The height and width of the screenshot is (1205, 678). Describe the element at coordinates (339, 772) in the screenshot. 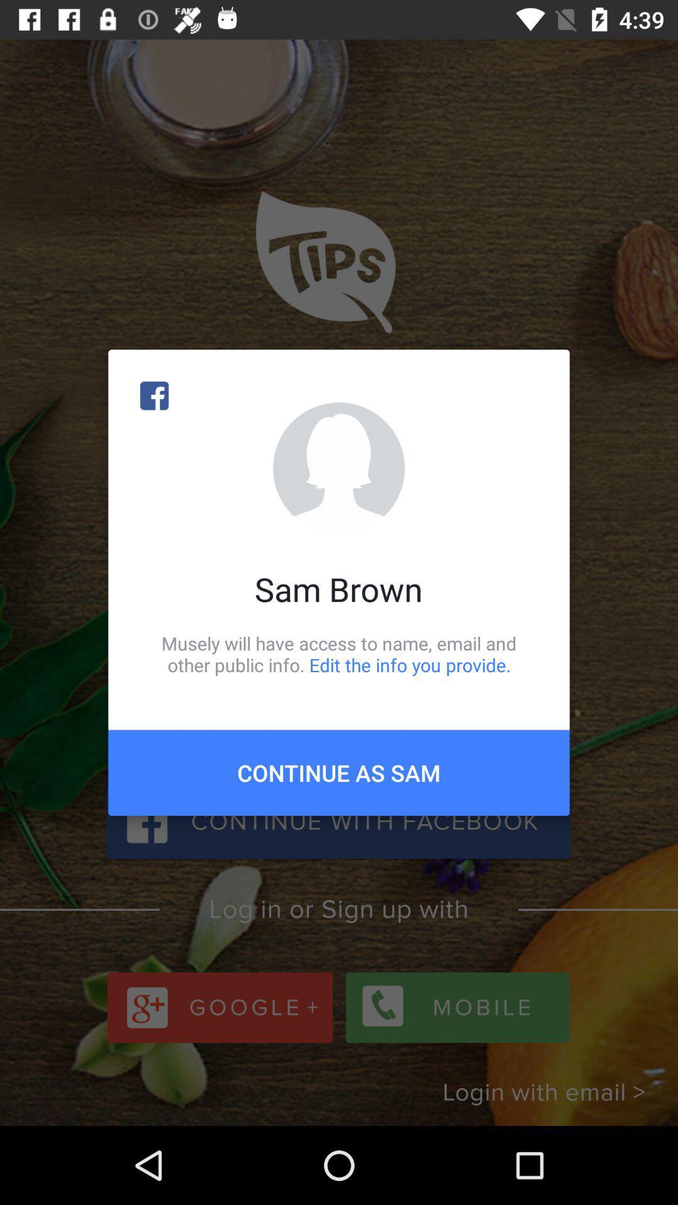

I see `icon below musely will have item` at that location.